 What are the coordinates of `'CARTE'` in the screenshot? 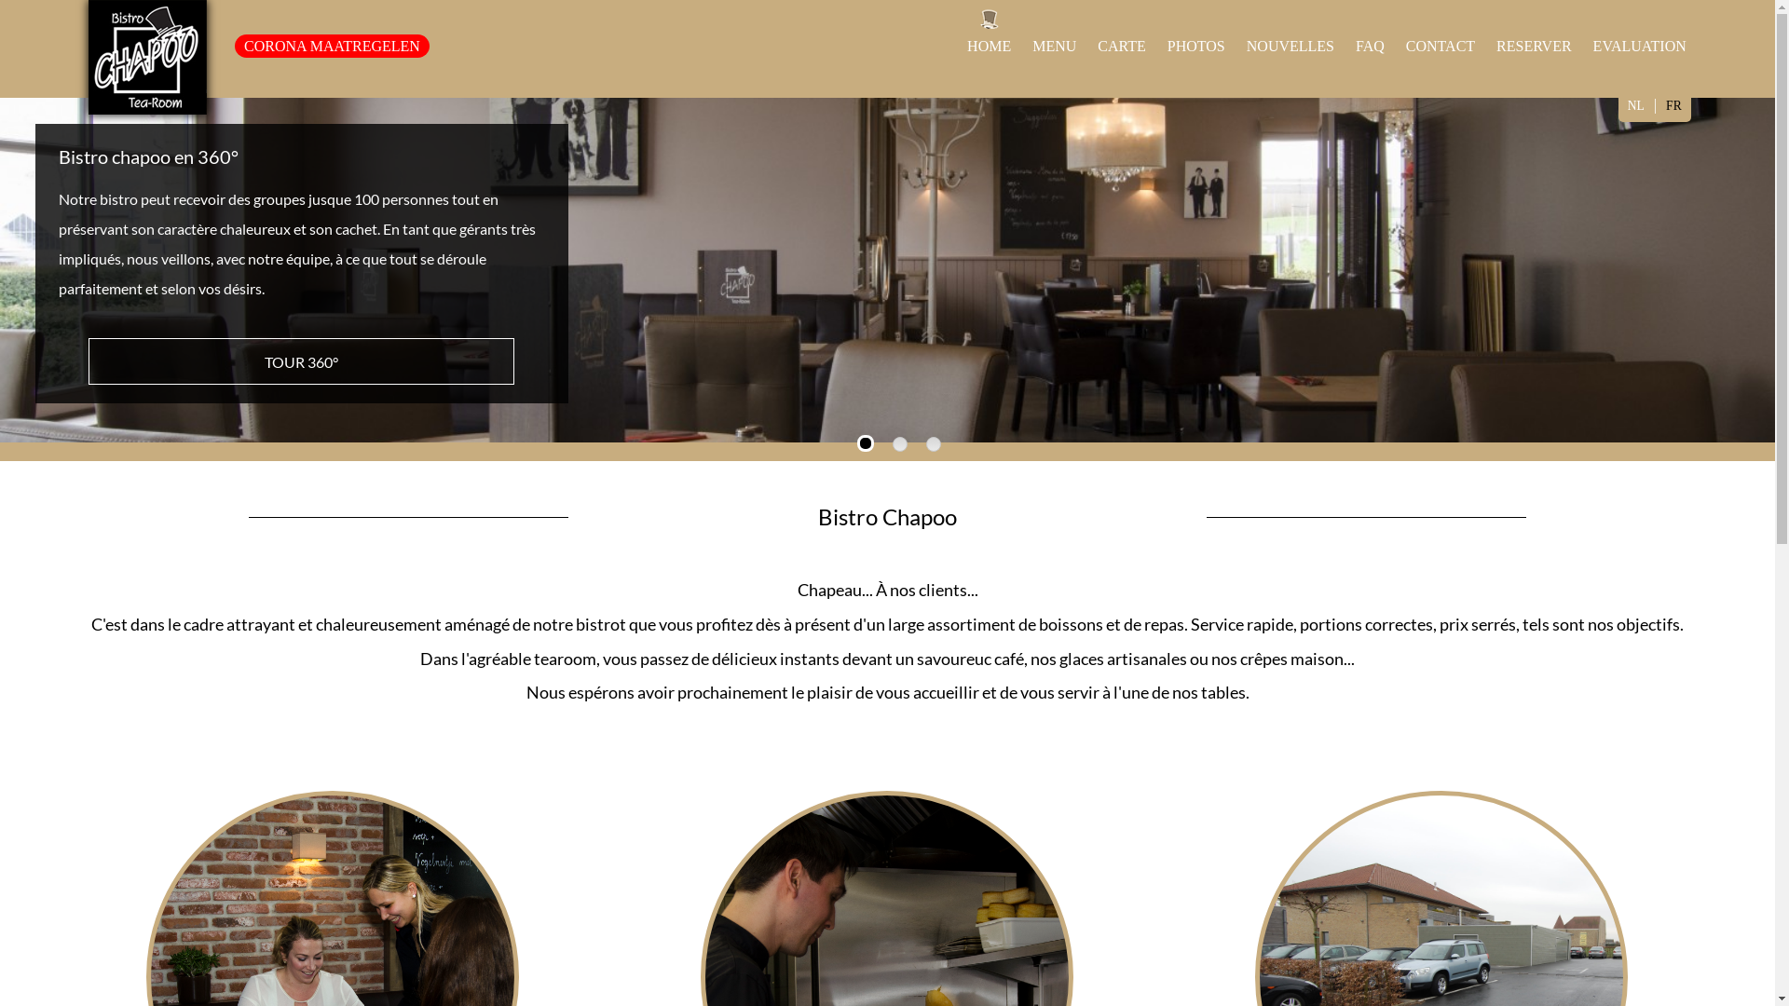 It's located at (1120, 45).